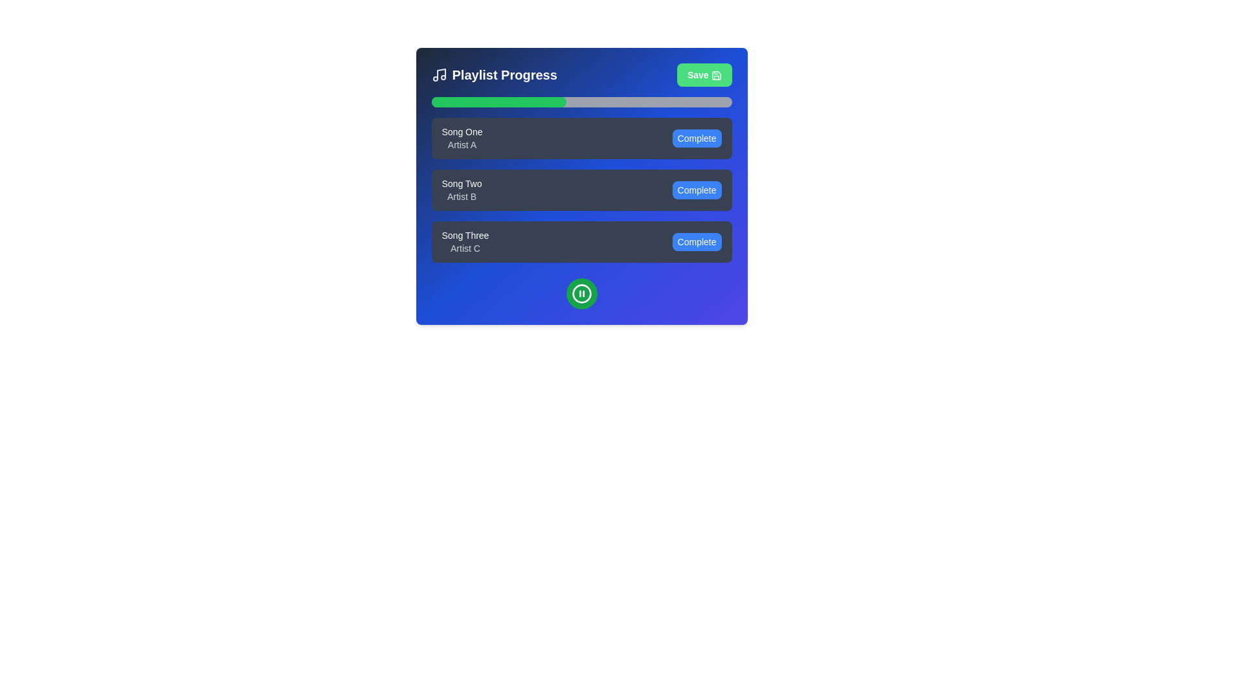 The height and width of the screenshot is (699, 1243). What do you see at coordinates (462, 138) in the screenshot?
I see `the Text Display element that shows 'Song One' and 'Artist A', located on the top-most music entry within a card layout, to the left of the 'Complete' button` at bounding box center [462, 138].